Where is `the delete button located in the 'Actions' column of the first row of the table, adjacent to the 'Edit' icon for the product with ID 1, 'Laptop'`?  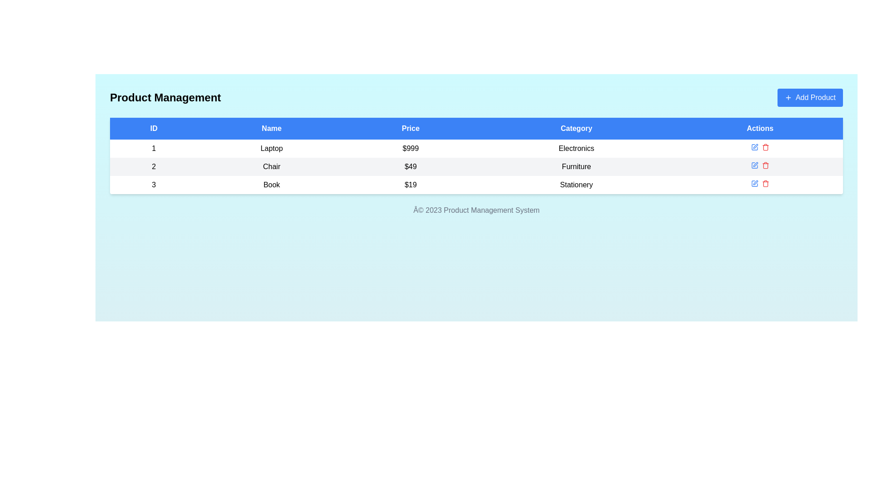 the delete button located in the 'Actions' column of the first row of the table, adjacent to the 'Edit' icon for the product with ID 1, 'Laptop' is located at coordinates (765, 147).